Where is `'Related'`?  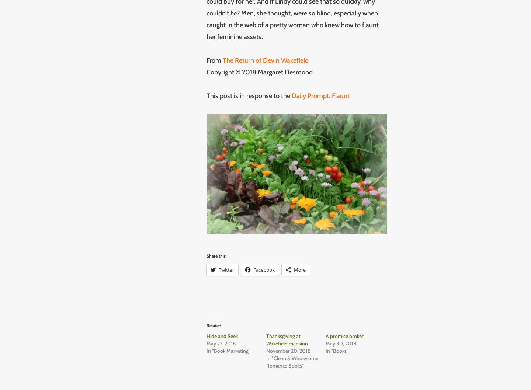 'Related' is located at coordinates (214, 325).